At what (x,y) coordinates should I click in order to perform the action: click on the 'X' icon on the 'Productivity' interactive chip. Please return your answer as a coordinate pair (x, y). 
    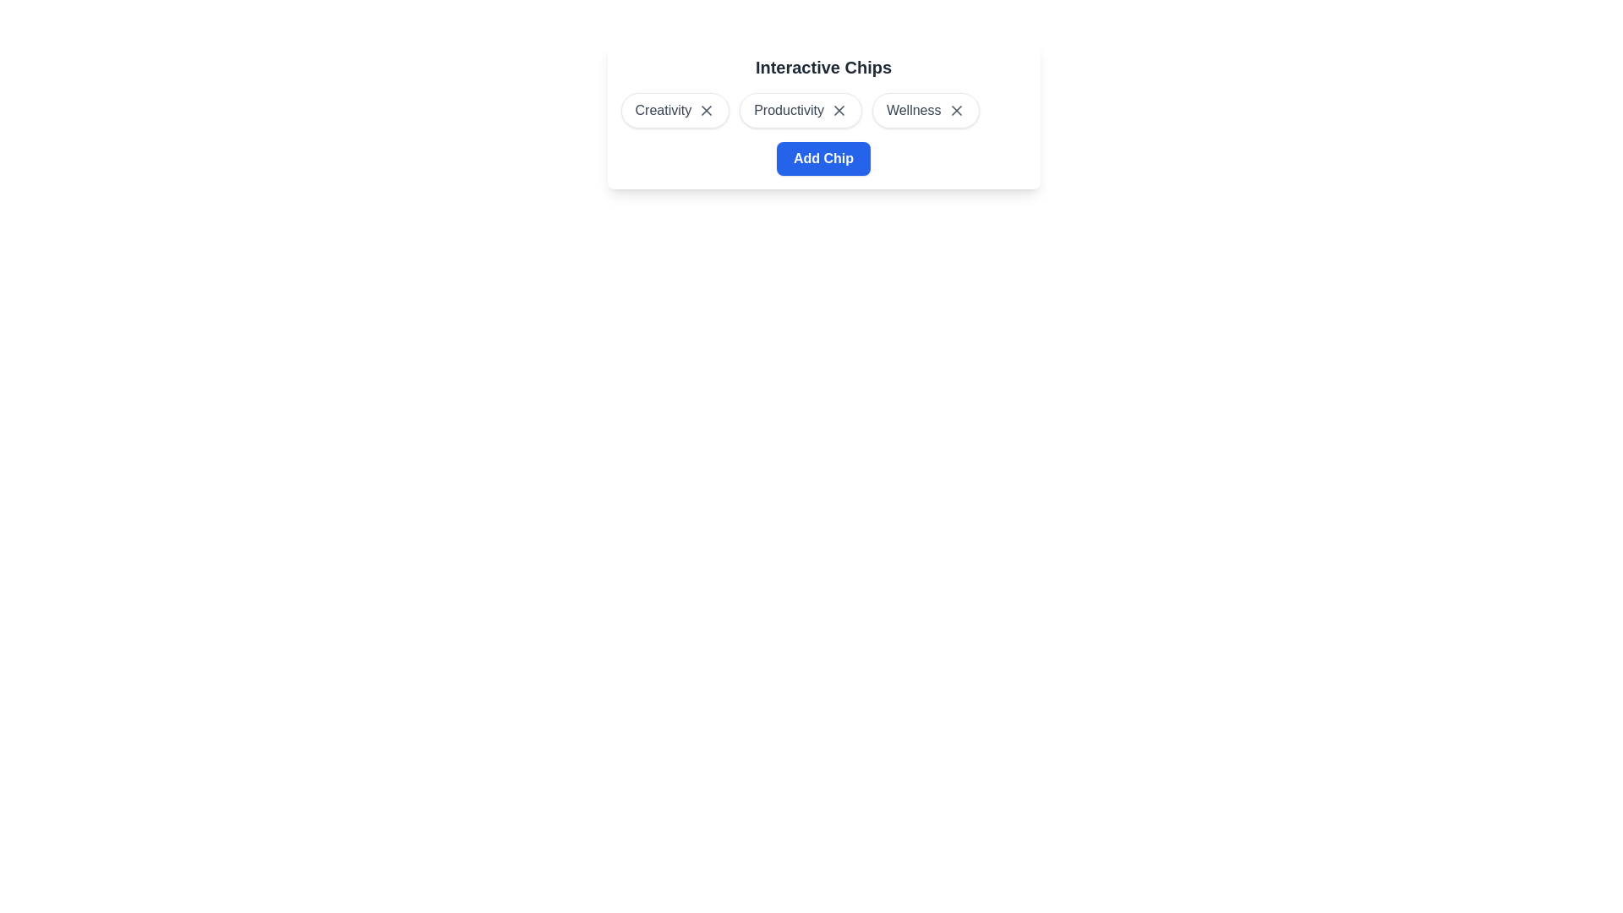
    Looking at the image, I should click on (839, 111).